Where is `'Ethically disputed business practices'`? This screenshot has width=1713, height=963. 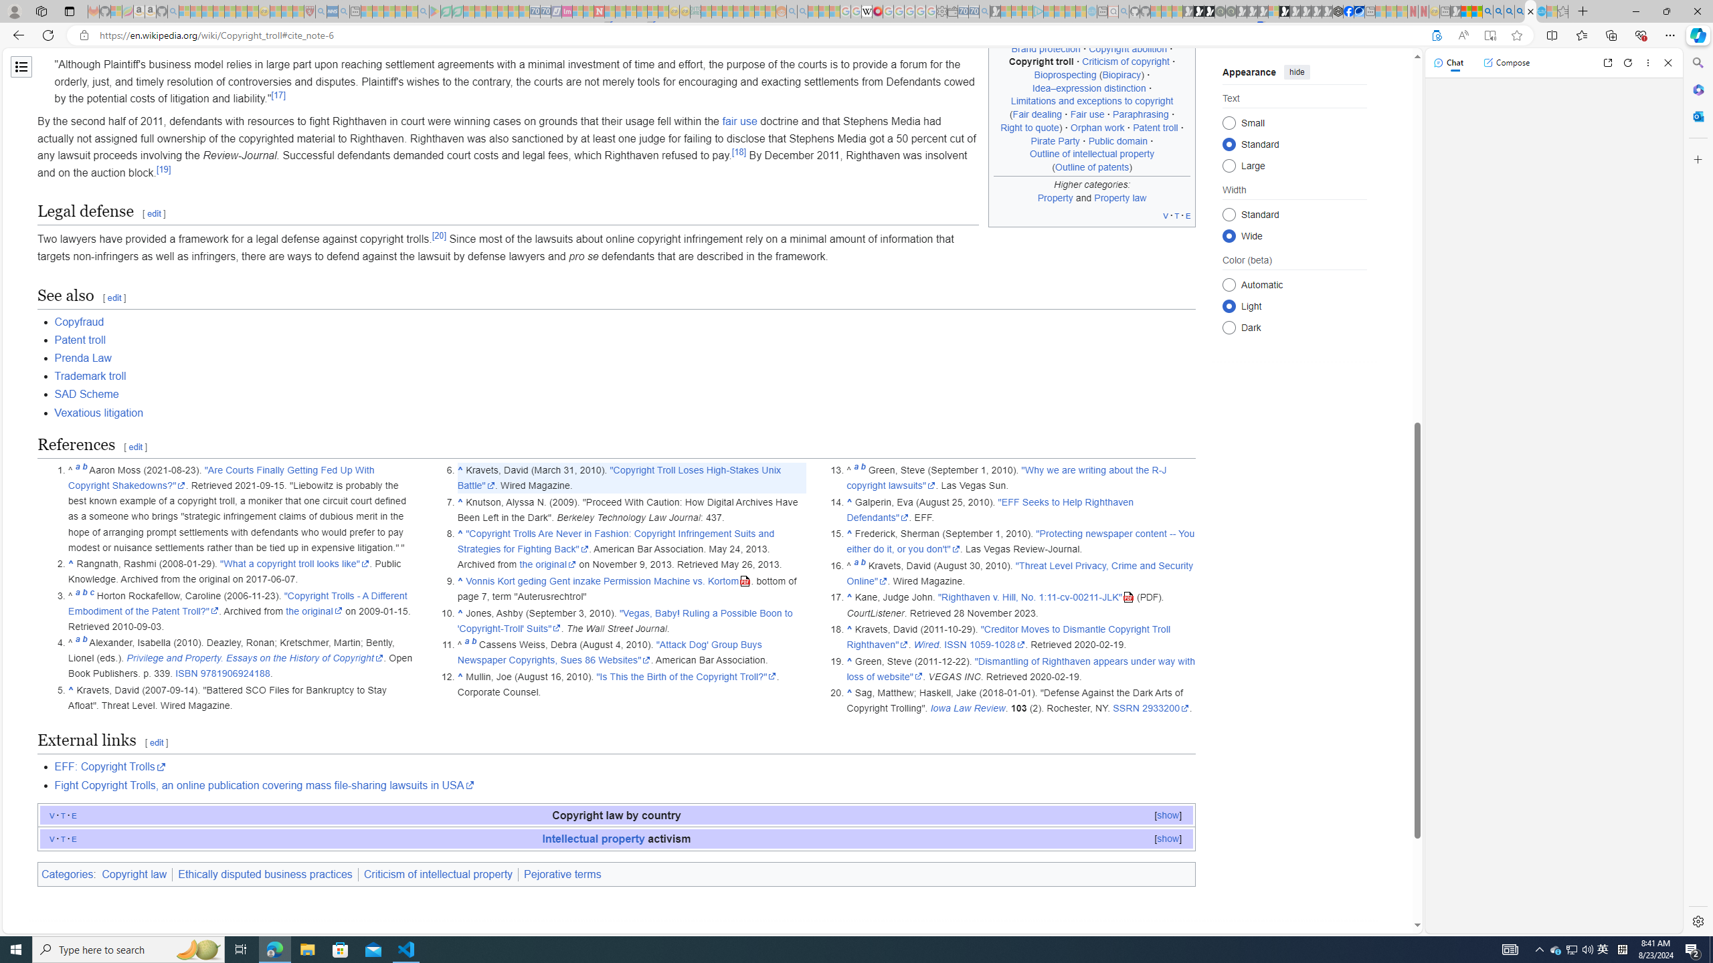
'Ethically disputed business practices' is located at coordinates (264, 873).